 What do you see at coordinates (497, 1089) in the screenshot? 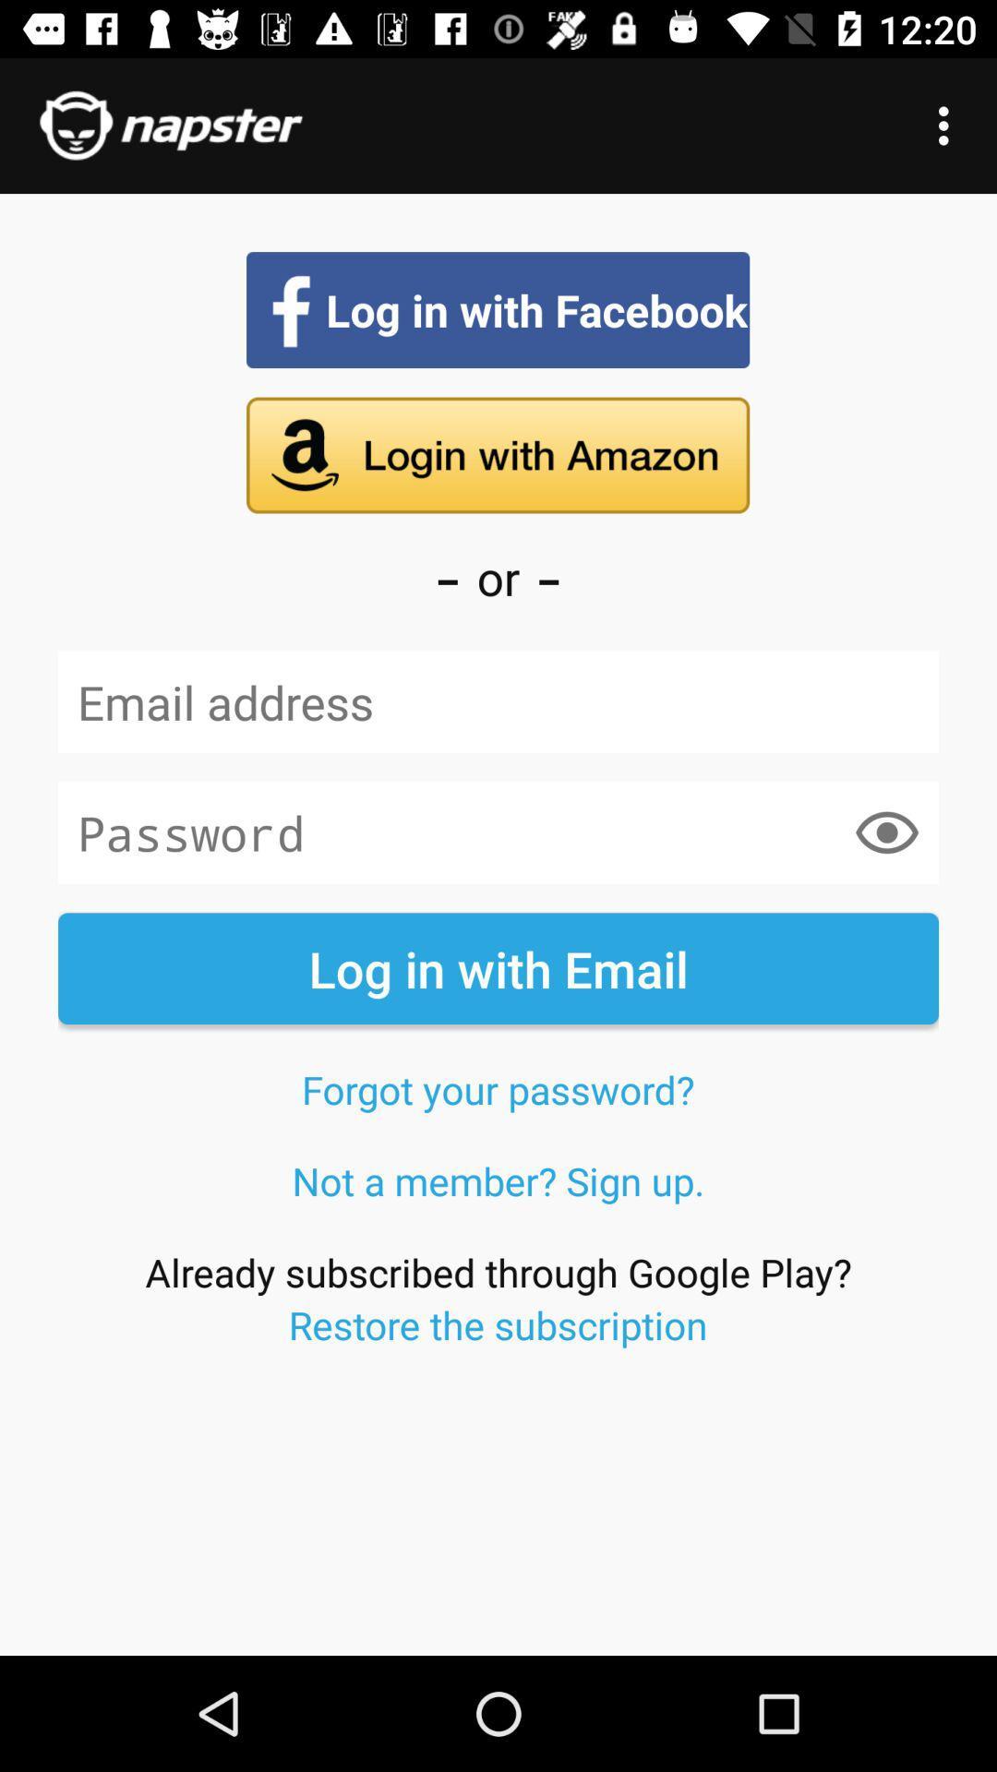
I see `the forgot your password? item` at bounding box center [497, 1089].